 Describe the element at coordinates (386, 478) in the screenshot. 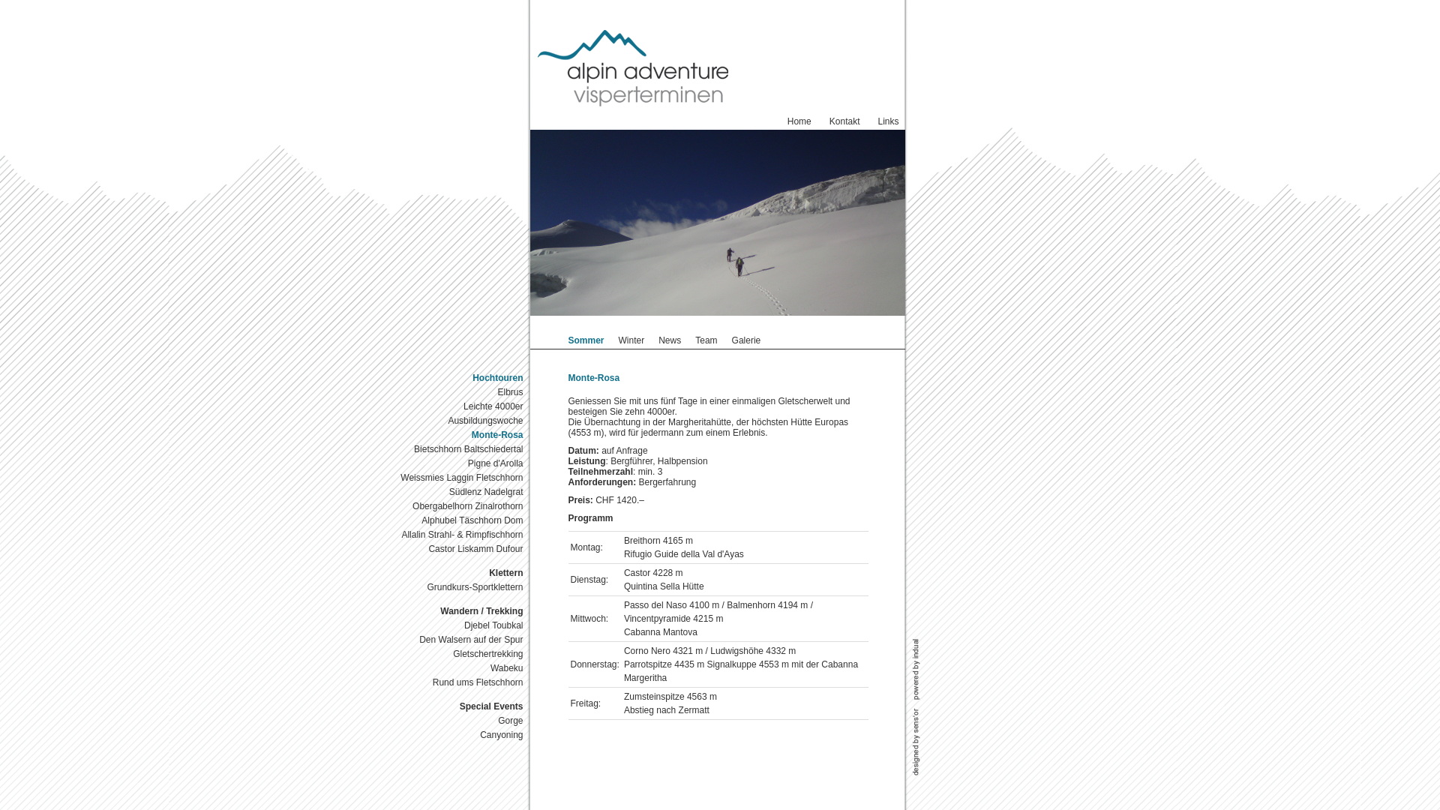

I see `'Weissmies Laggin Fletschhorn'` at that location.